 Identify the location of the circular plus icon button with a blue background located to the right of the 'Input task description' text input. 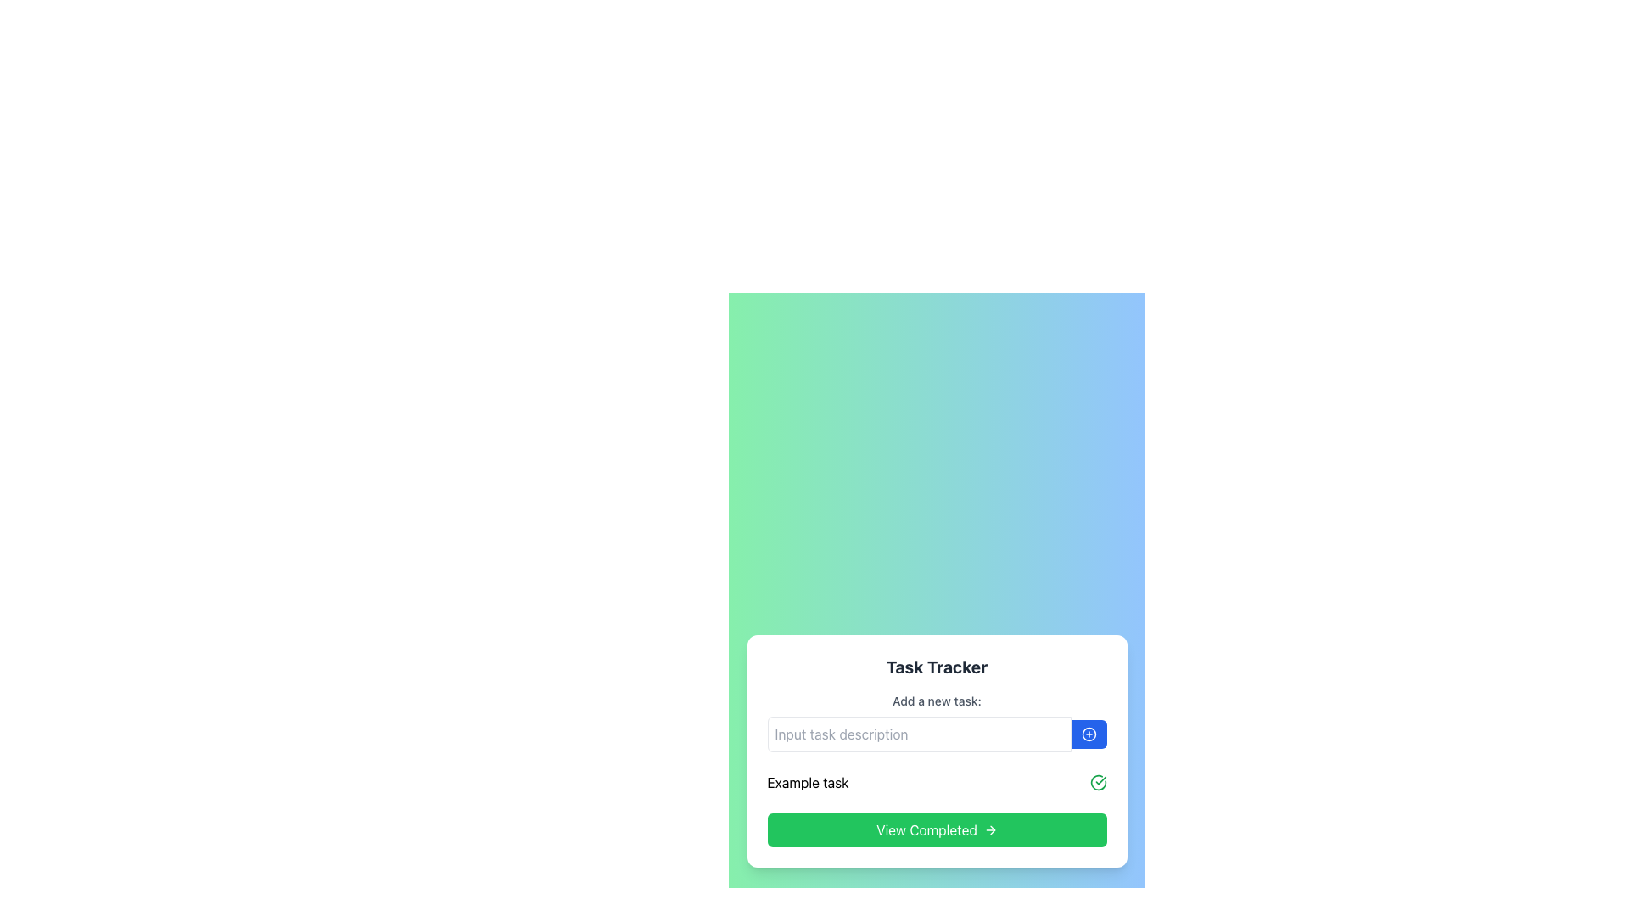
(1089, 734).